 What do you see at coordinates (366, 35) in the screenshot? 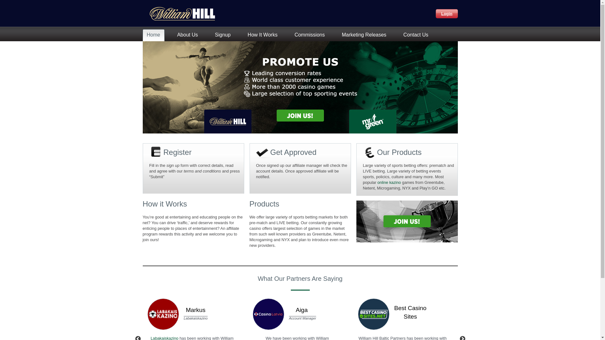
I see `'Marketing Releases'` at bounding box center [366, 35].